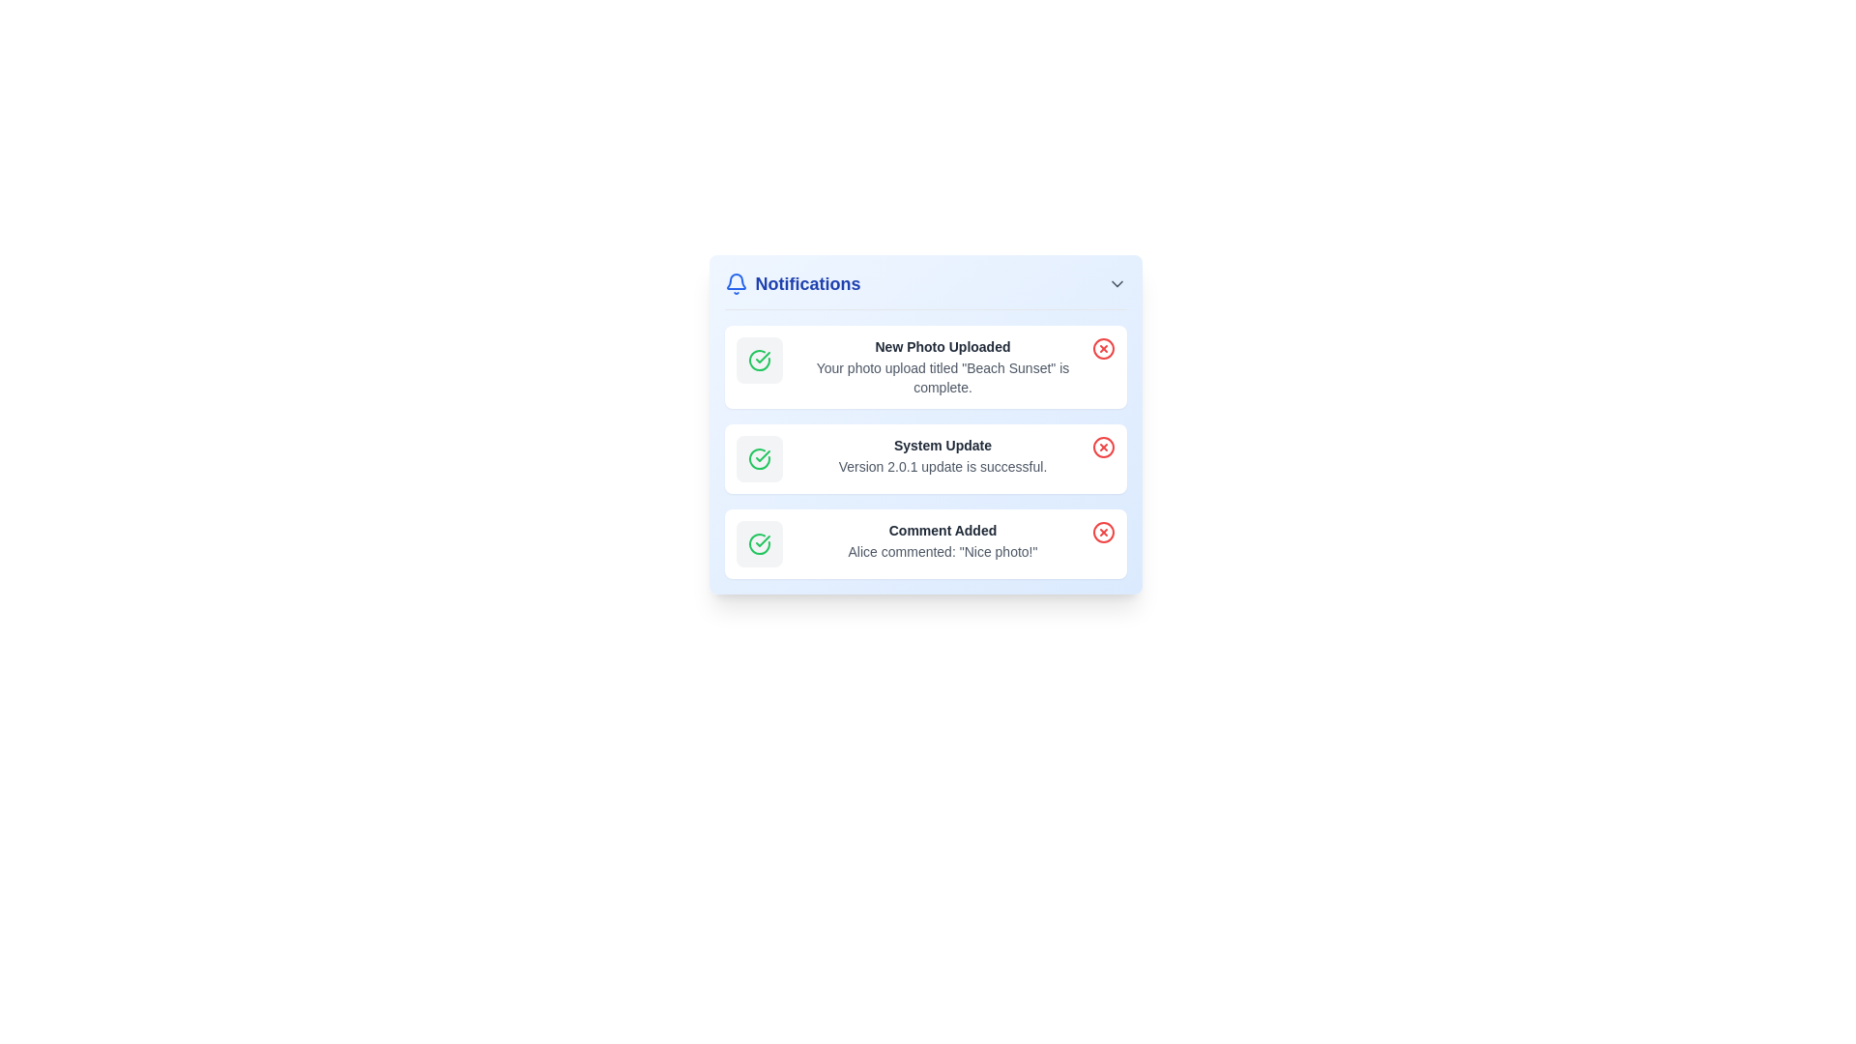 The image size is (1856, 1044). I want to click on the text block displaying 'System Update' and 'Version 2.0.1 update is successful.' in the second notification card, located in the center of the notifications list, so click(942, 455).